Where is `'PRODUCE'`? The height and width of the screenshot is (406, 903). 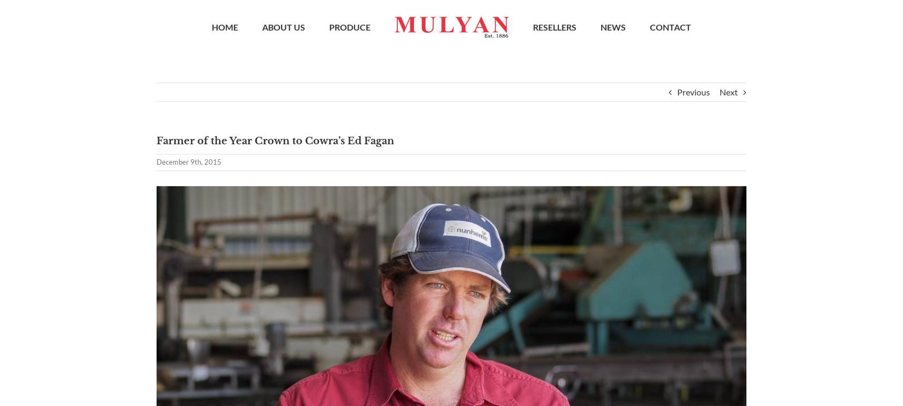
'PRODUCE' is located at coordinates (328, 28).